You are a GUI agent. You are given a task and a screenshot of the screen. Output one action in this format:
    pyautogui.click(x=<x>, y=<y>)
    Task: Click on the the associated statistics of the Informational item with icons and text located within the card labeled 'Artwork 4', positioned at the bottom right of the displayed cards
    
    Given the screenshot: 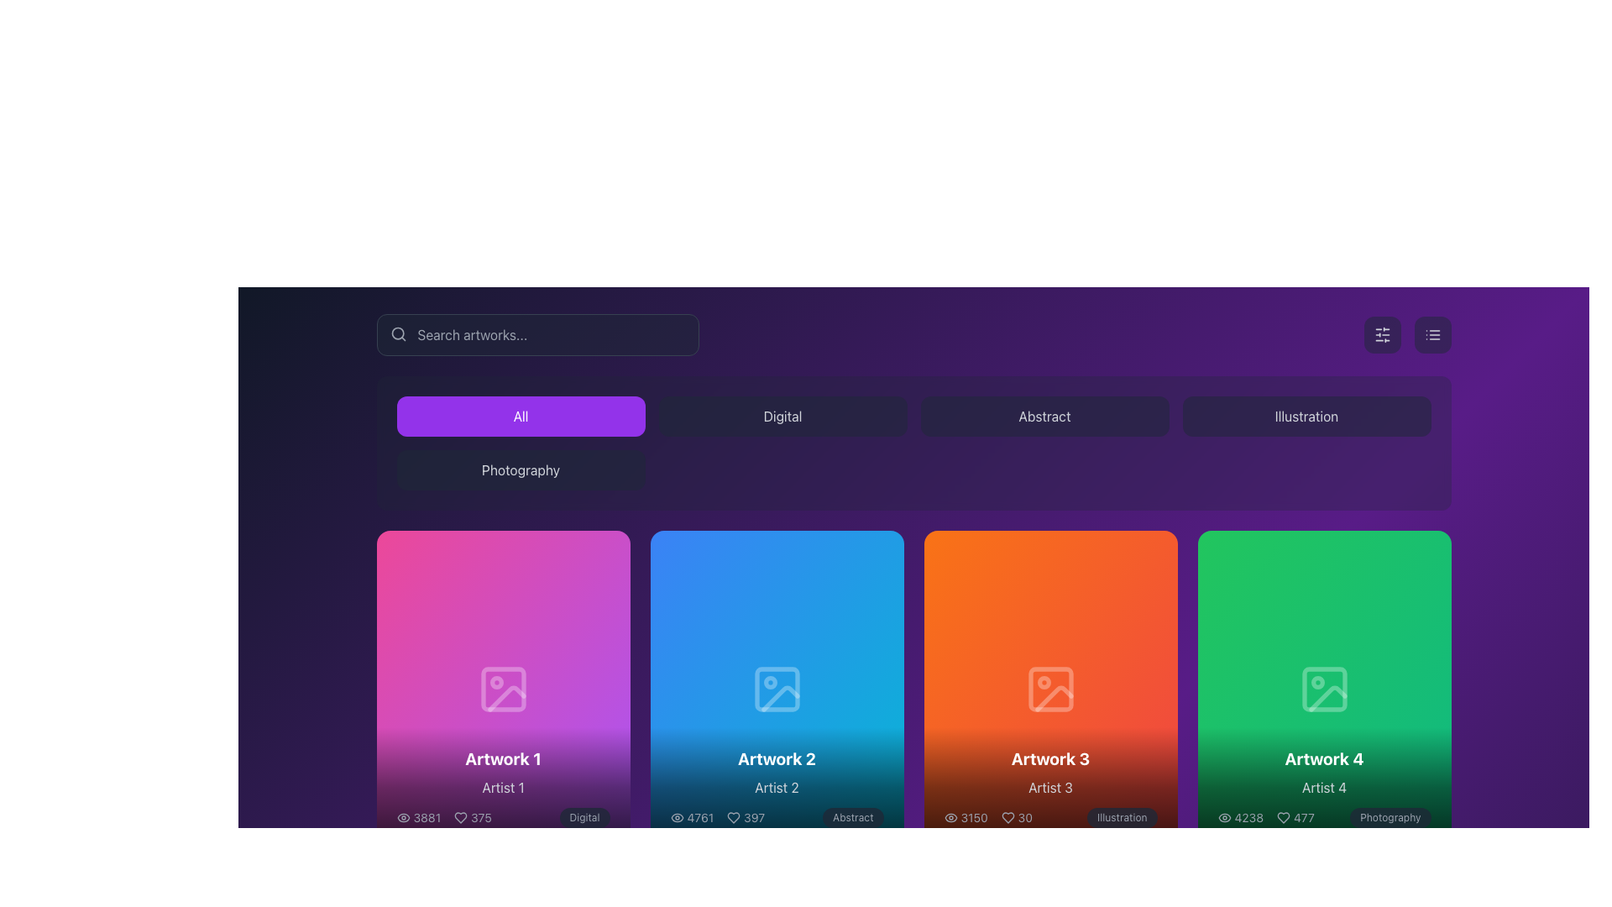 What is the action you would take?
    pyautogui.click(x=1265, y=815)
    